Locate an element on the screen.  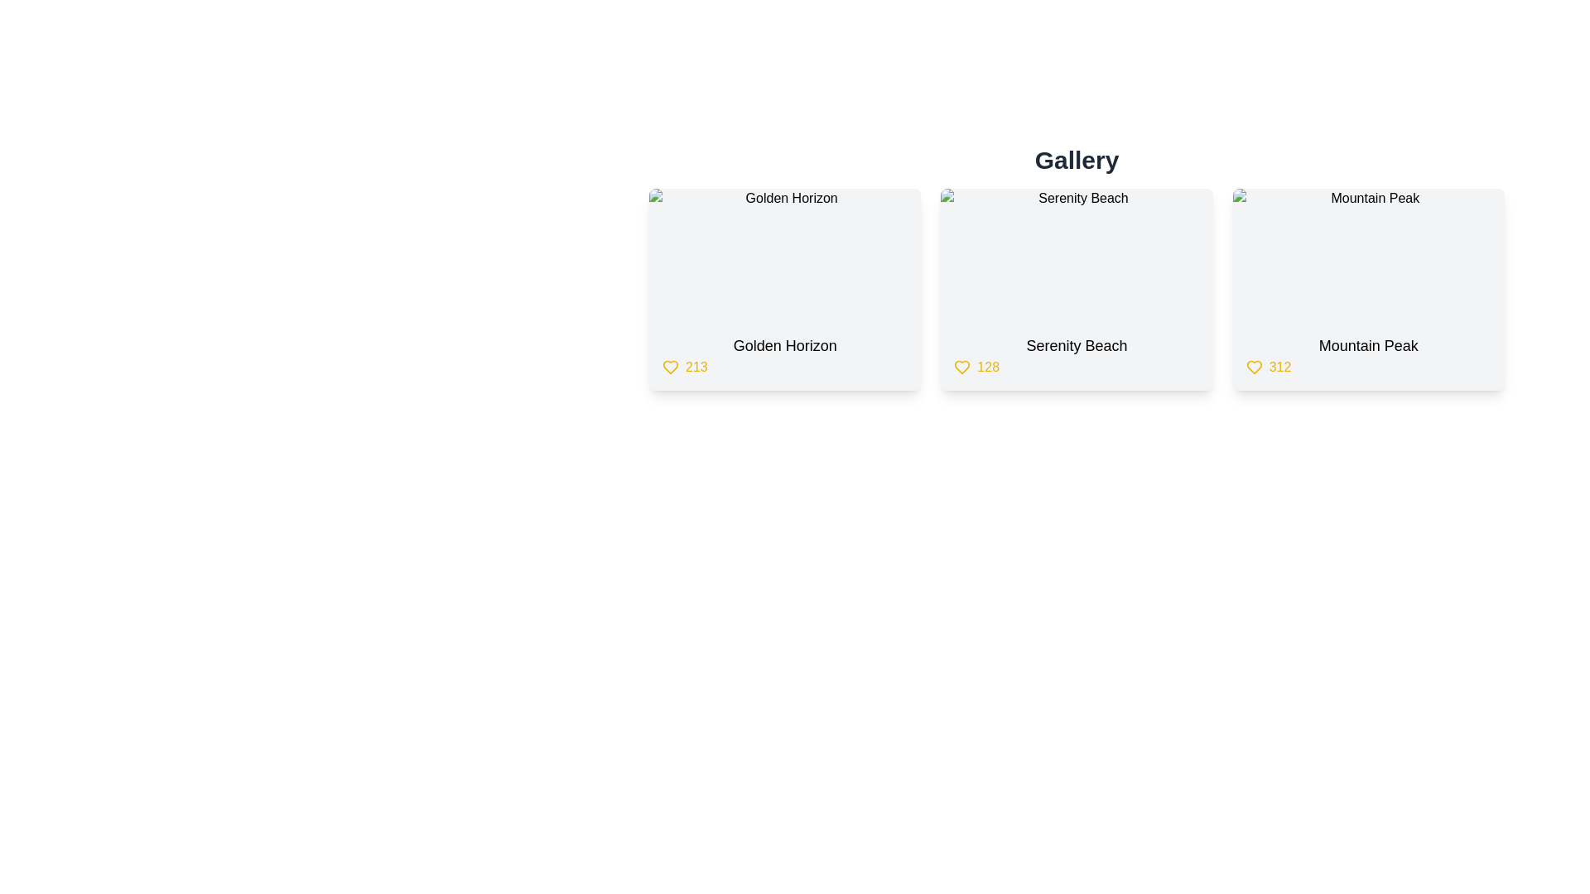
text label 'Serenity Beach' displayed prominently in bold font, located above the numerical label '128' in the center card of a row of three cards is located at coordinates (1077, 344).